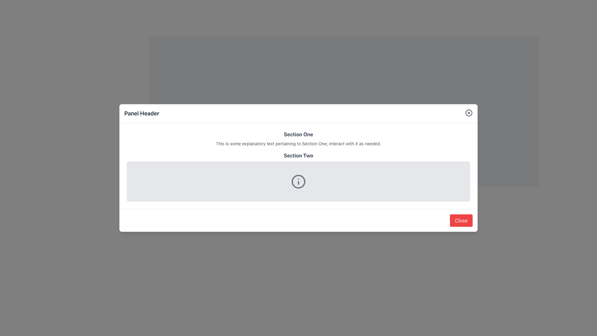  What do you see at coordinates (461, 220) in the screenshot?
I see `the close button located at the bottom-right corner of the modal dialog to change its background color` at bounding box center [461, 220].